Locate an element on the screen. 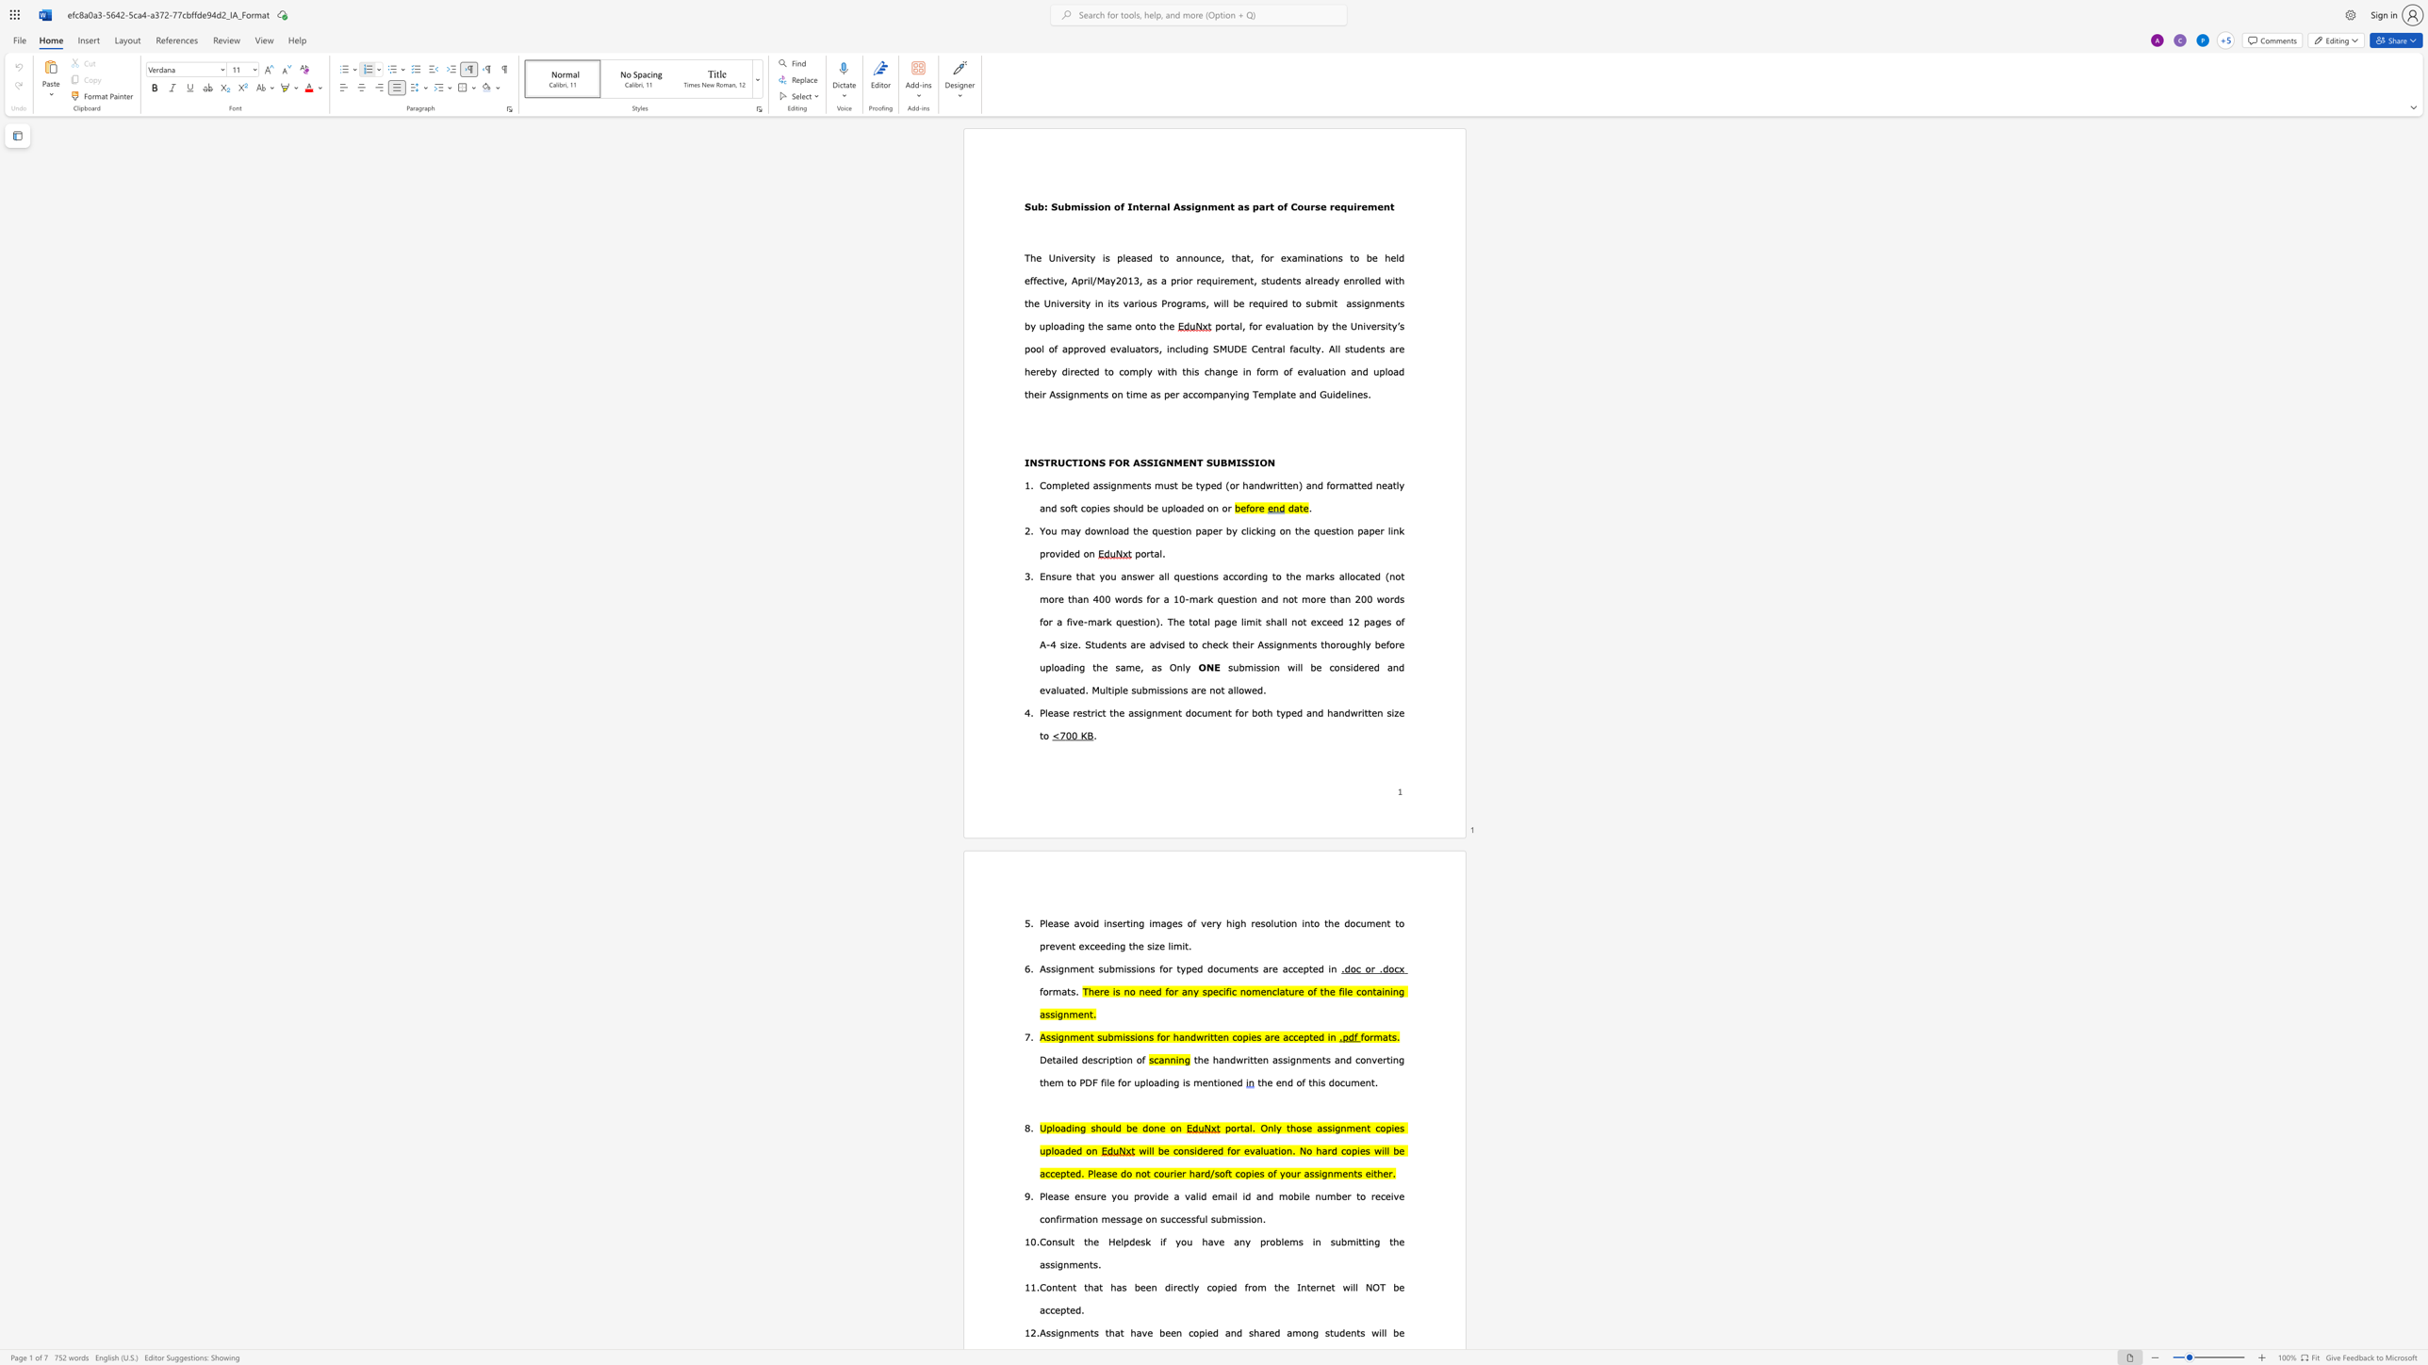 Image resolution: width=2428 pixels, height=1365 pixels. the 1th character "P" in the text is located at coordinates (1042, 712).